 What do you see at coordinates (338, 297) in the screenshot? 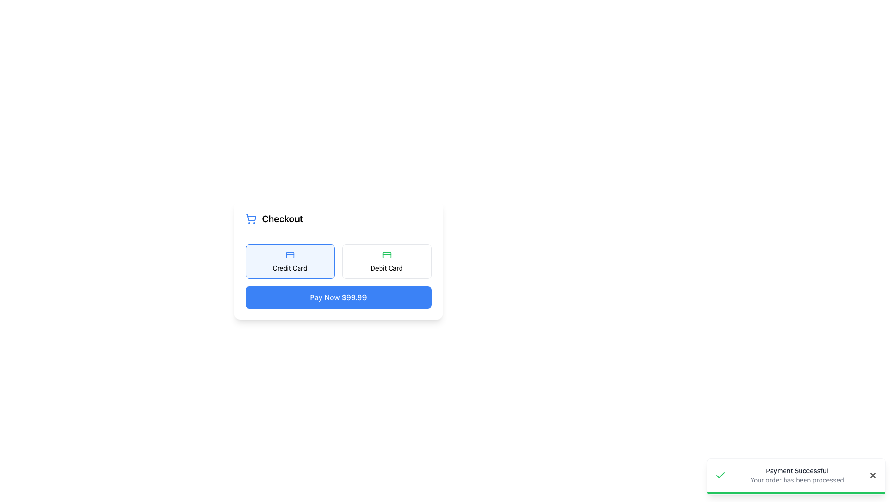
I see `the payment button located at the bottom of the payment options section to observe the hover effects` at bounding box center [338, 297].